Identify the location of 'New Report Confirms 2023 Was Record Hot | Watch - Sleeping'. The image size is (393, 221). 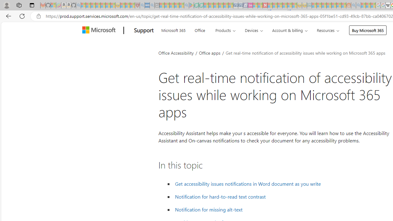
(103, 5).